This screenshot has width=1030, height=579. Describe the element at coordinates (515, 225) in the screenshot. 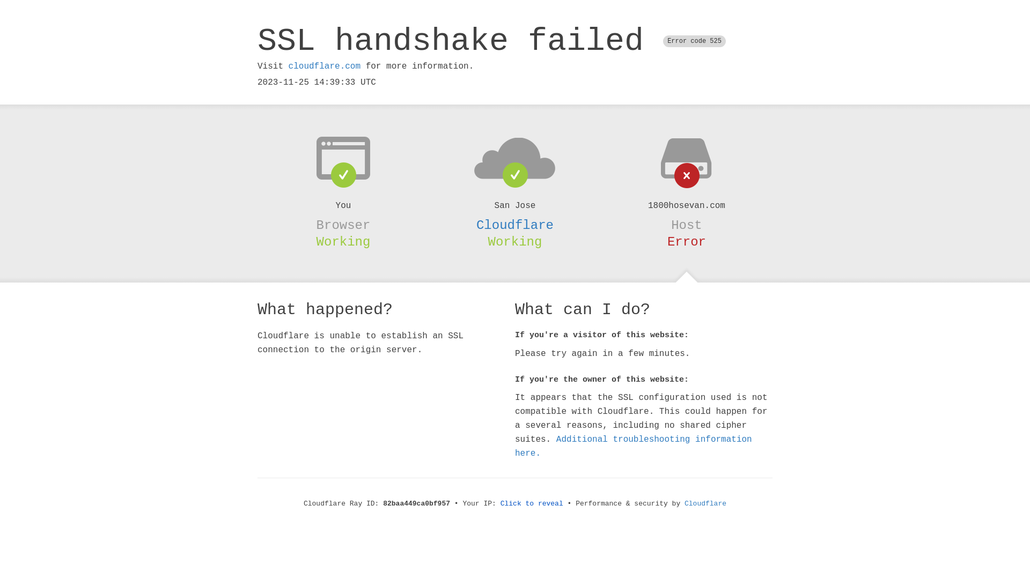

I see `'Cloudflare'` at that location.